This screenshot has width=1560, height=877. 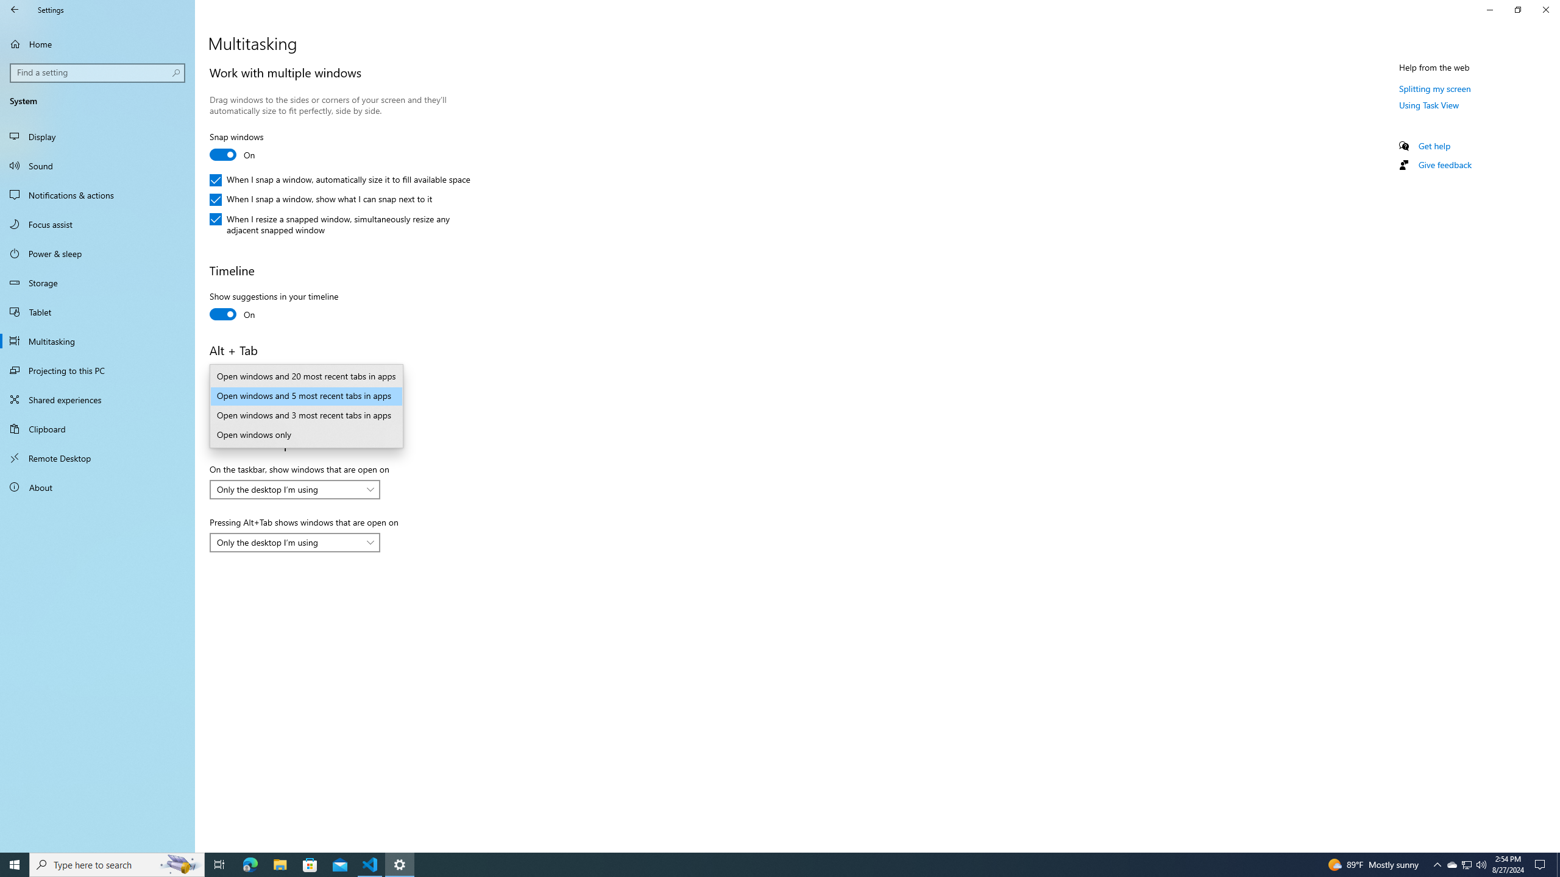 I want to click on 'Power & sleep', so click(x=97, y=253).